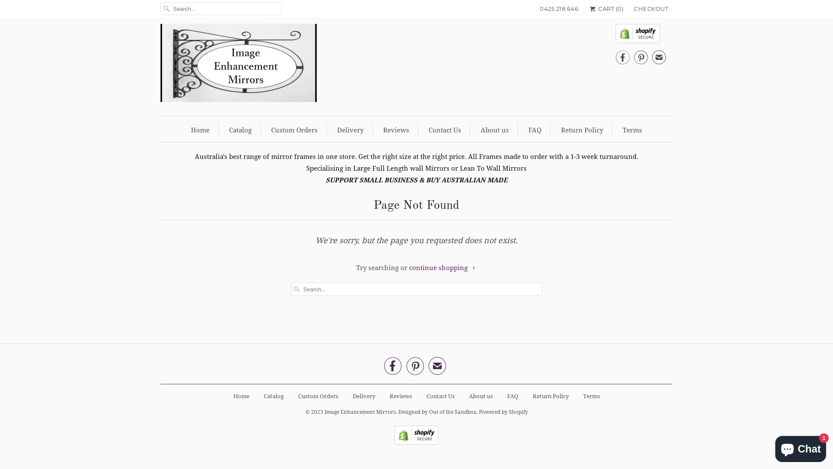 This screenshot has width=833, height=469. Describe the element at coordinates (298, 396) in the screenshot. I see `'Custom Orders'` at that location.